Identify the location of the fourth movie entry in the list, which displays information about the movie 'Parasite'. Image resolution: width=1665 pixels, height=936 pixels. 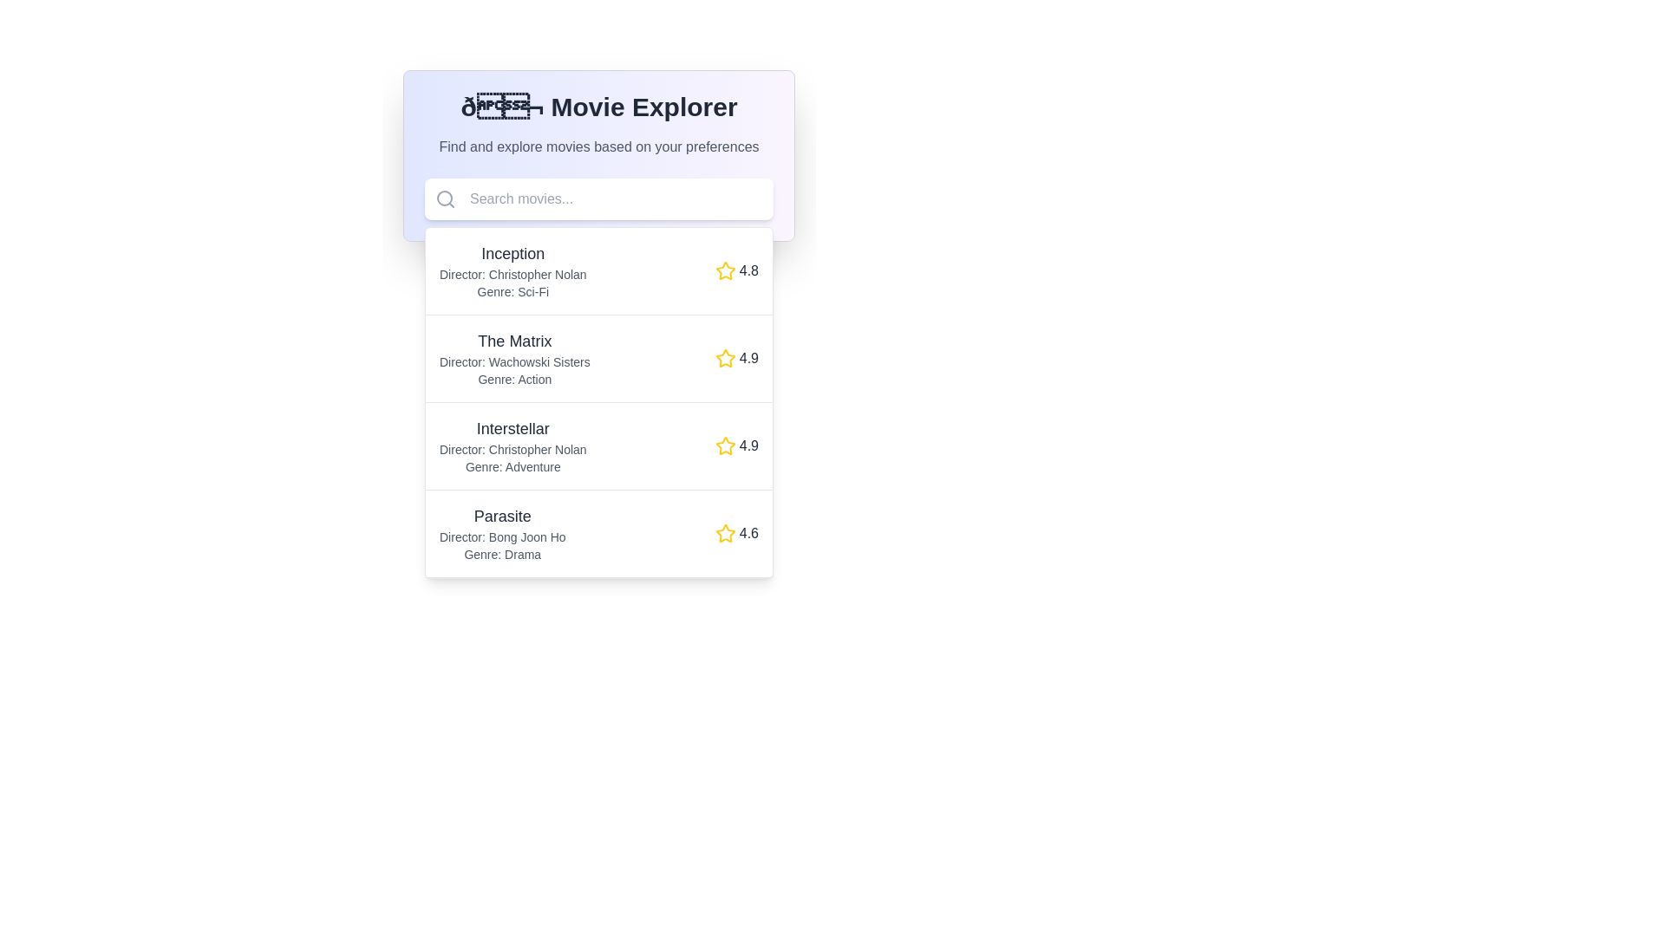
(599, 533).